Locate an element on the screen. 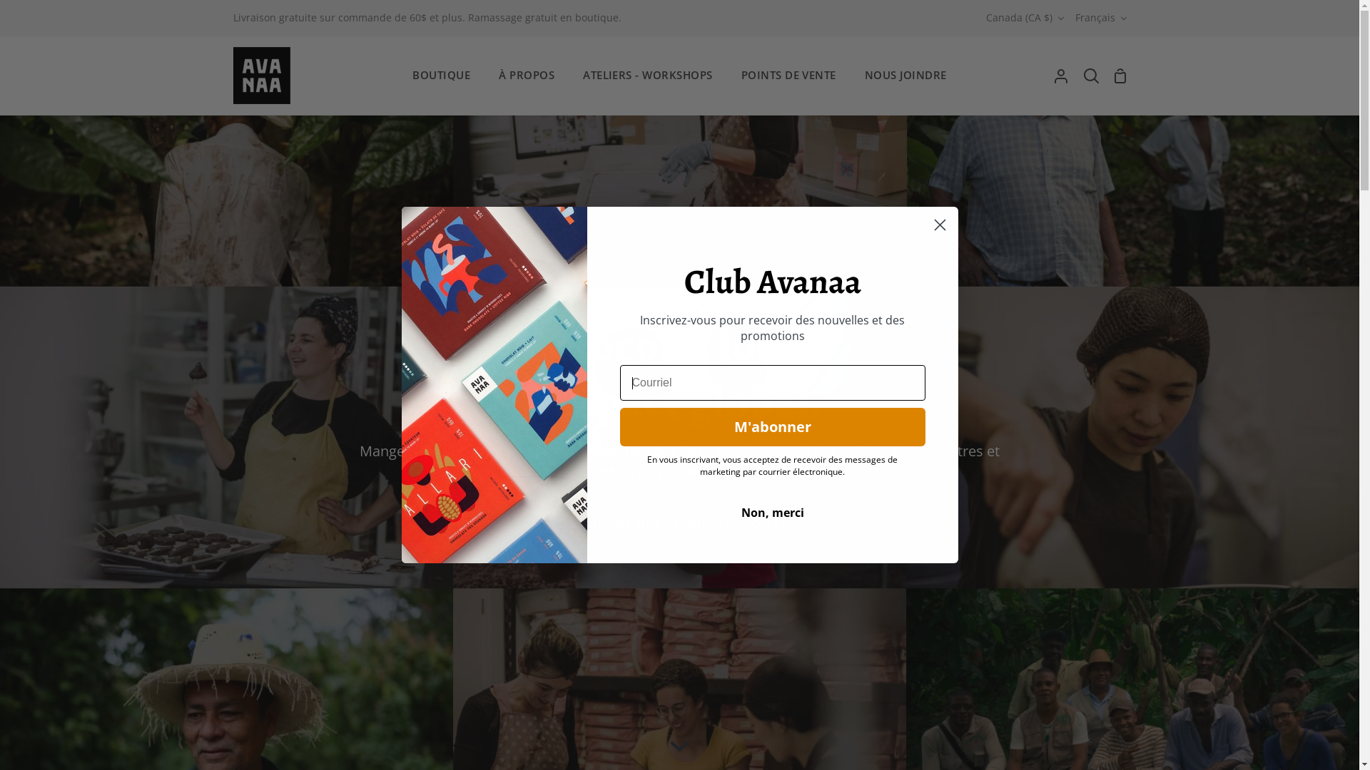  'NOUS JOINDRE' is located at coordinates (905, 75).